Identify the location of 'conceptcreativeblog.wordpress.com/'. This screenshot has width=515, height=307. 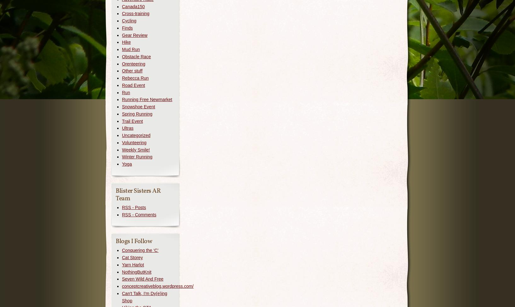
(157, 286).